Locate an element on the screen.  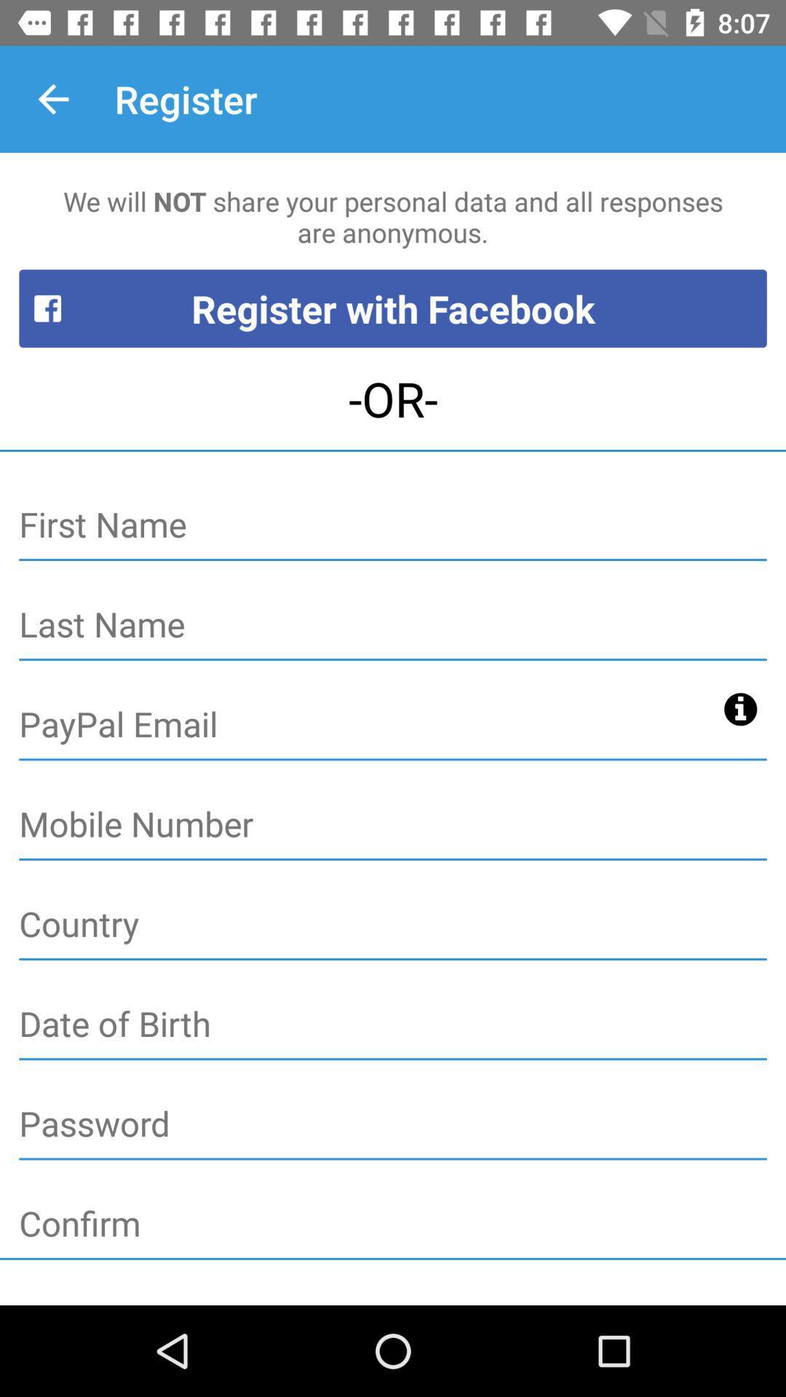
icon above -or- icon is located at coordinates (393, 308).